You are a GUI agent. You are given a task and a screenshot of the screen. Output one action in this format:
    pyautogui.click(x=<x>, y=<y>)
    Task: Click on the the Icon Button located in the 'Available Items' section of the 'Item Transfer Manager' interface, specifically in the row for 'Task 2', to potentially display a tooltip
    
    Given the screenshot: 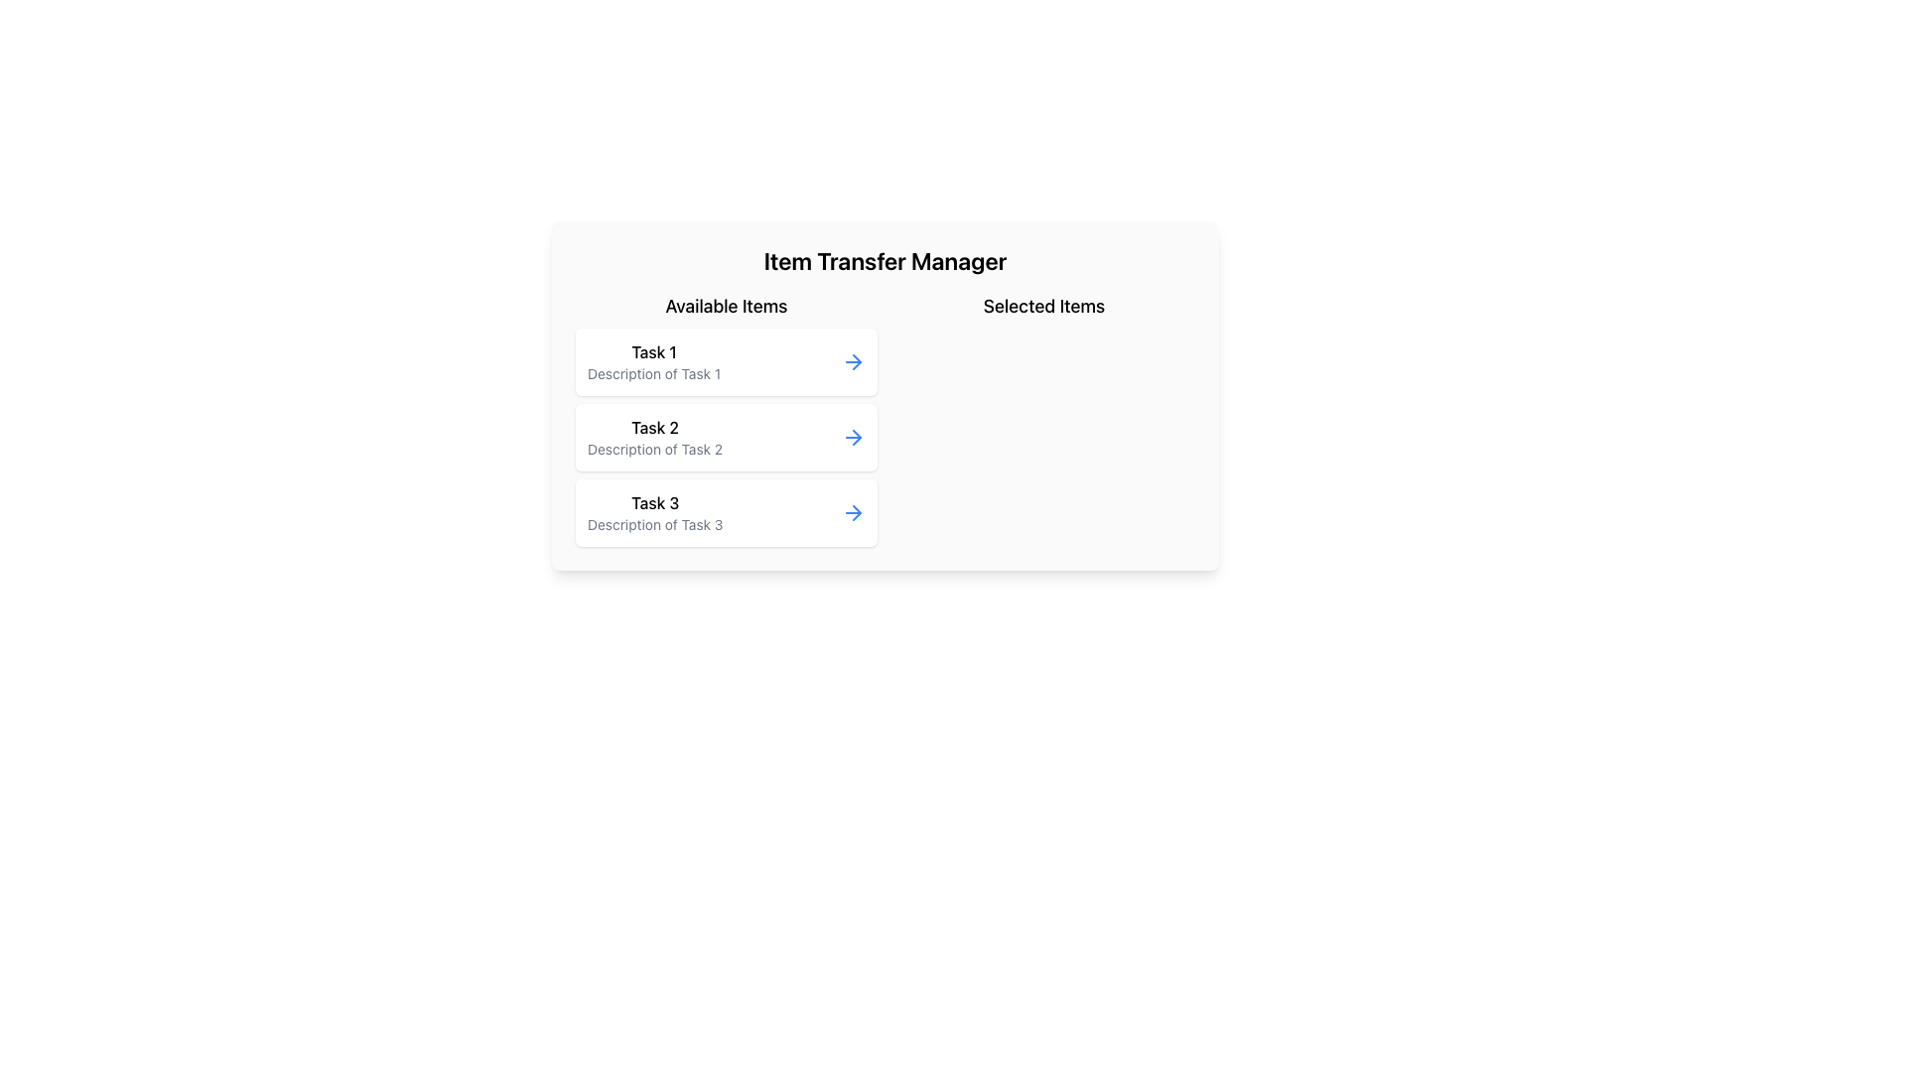 What is the action you would take?
    pyautogui.click(x=853, y=436)
    